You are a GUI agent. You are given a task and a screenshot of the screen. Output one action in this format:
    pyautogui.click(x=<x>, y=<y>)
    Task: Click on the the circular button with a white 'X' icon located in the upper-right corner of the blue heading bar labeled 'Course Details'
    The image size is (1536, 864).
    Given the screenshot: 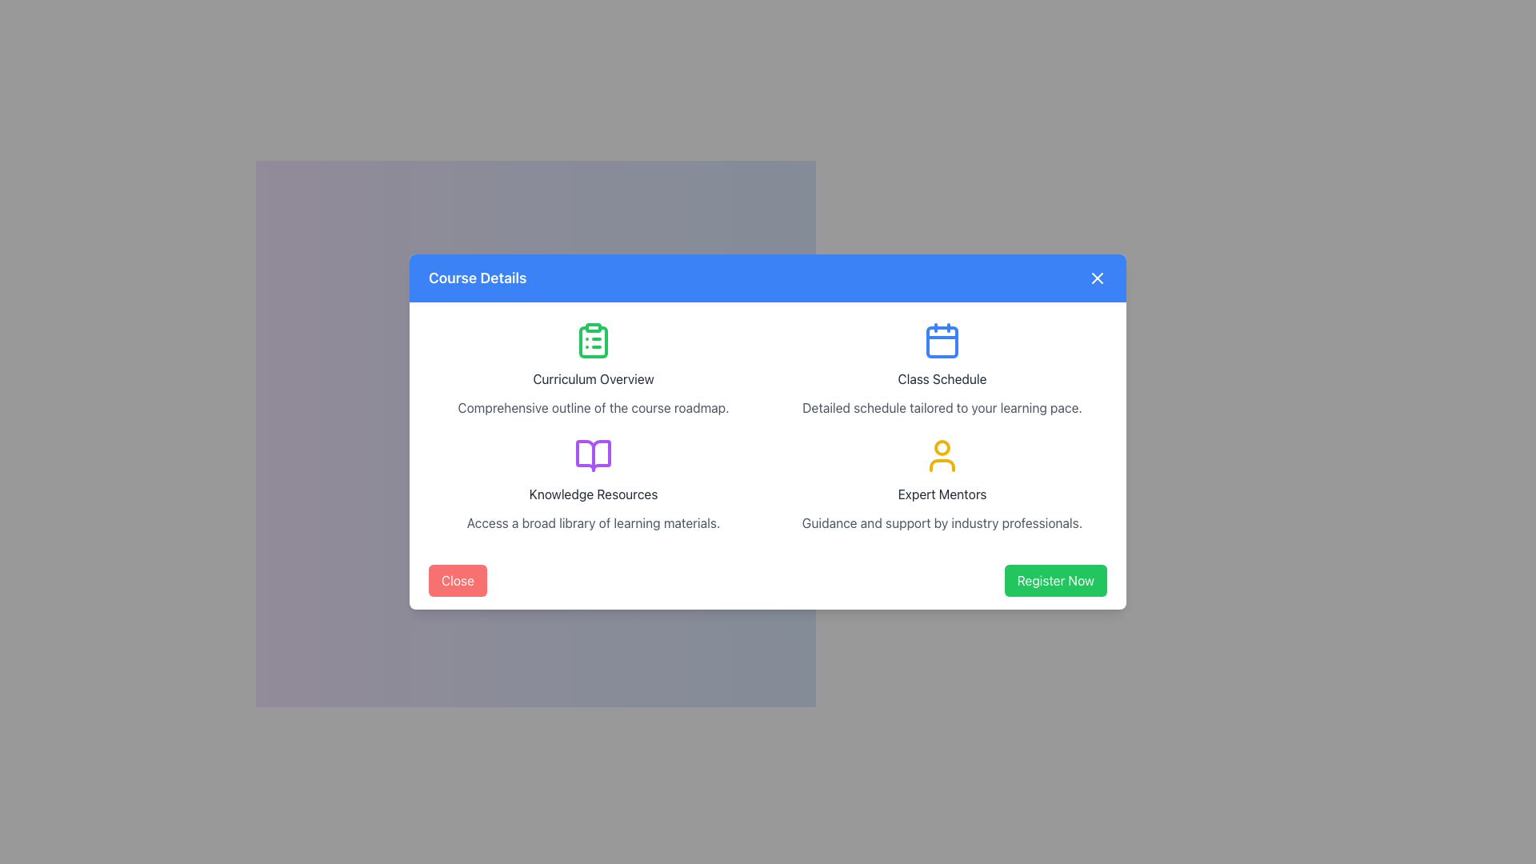 What is the action you would take?
    pyautogui.click(x=1097, y=277)
    